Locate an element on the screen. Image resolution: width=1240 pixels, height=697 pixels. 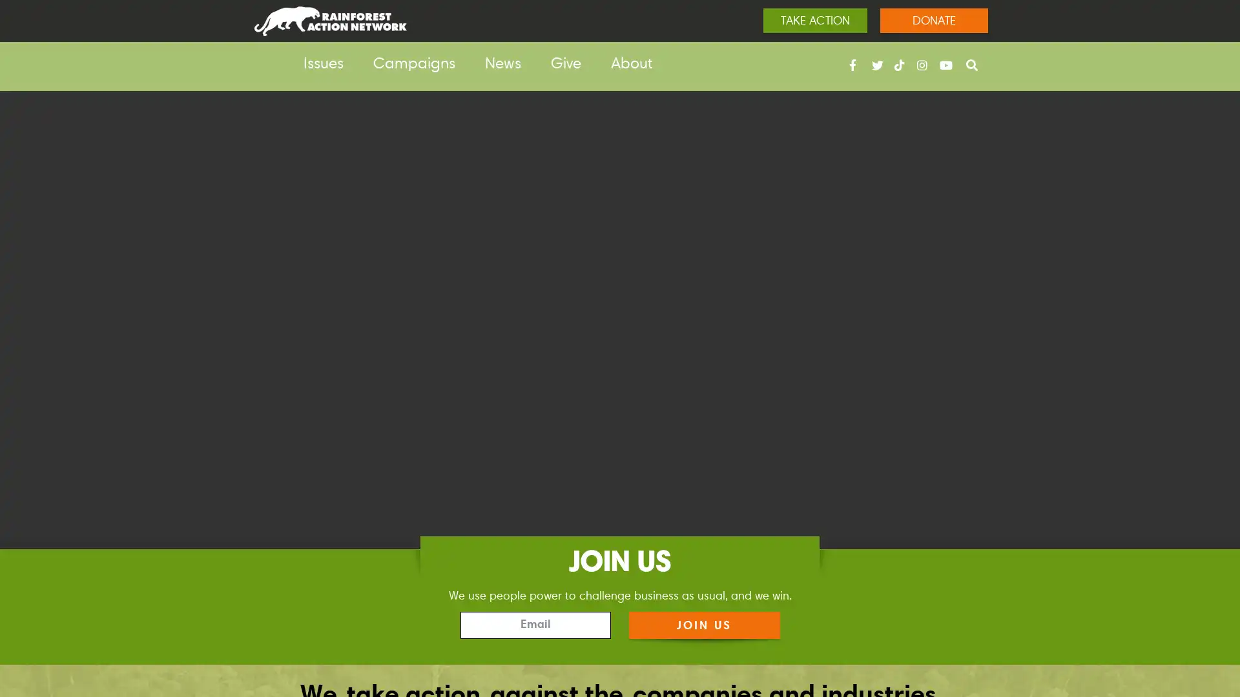
News is located at coordinates (502, 65).